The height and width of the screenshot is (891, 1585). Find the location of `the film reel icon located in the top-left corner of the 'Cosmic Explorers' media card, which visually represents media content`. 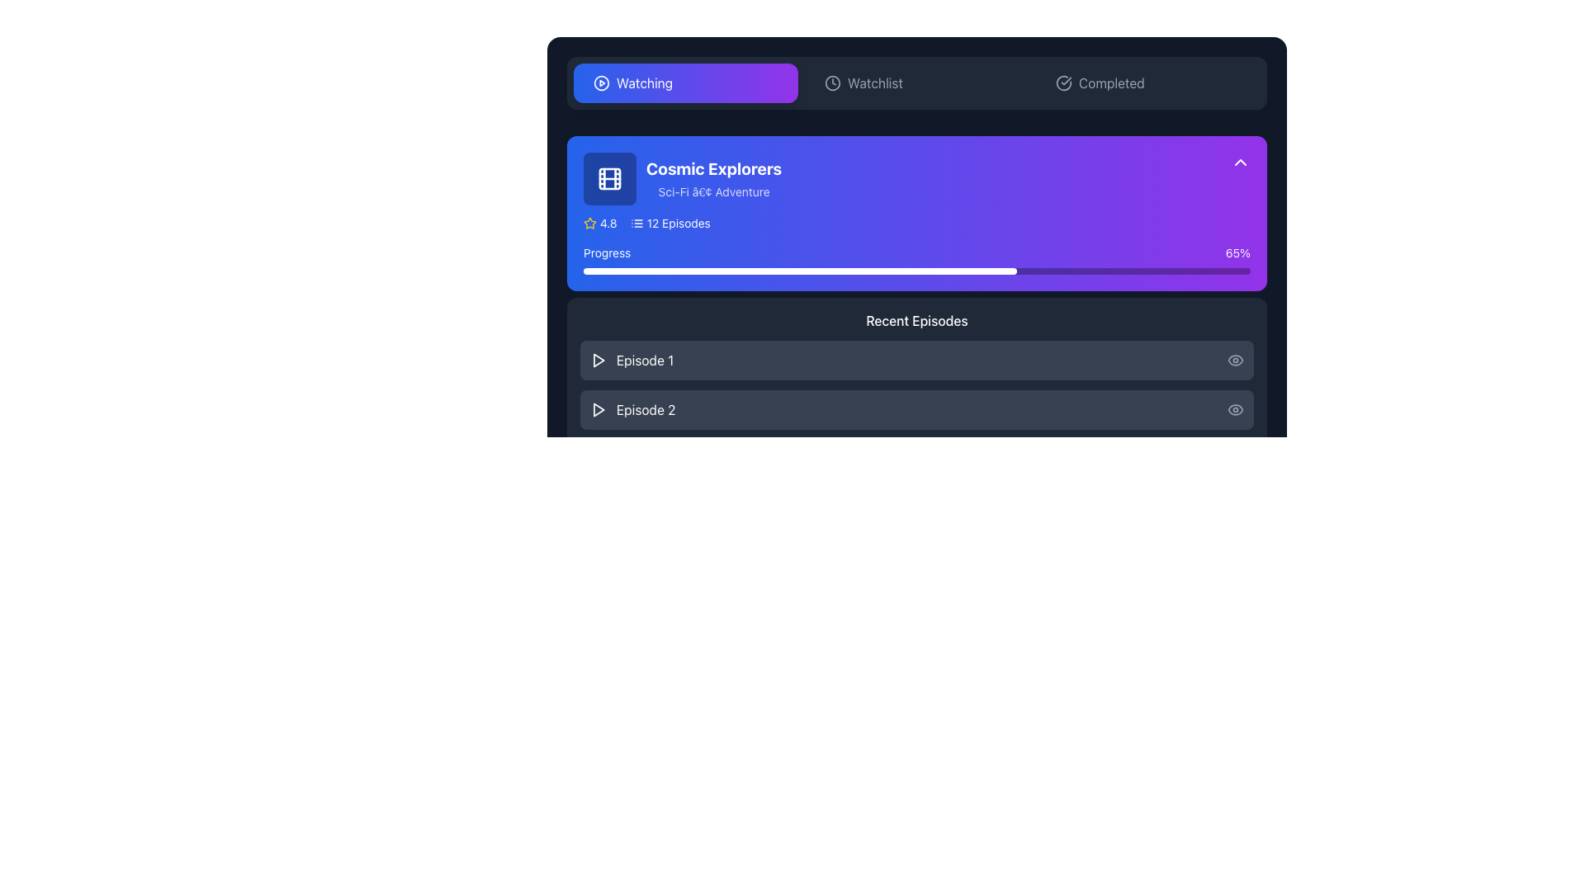

the film reel icon located in the top-left corner of the 'Cosmic Explorers' media card, which visually represents media content is located at coordinates (609, 178).